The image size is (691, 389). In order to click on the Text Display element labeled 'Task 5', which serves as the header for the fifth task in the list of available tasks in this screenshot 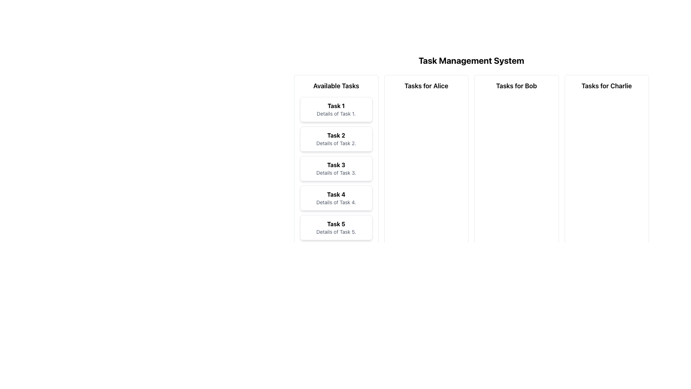, I will do `click(336, 223)`.